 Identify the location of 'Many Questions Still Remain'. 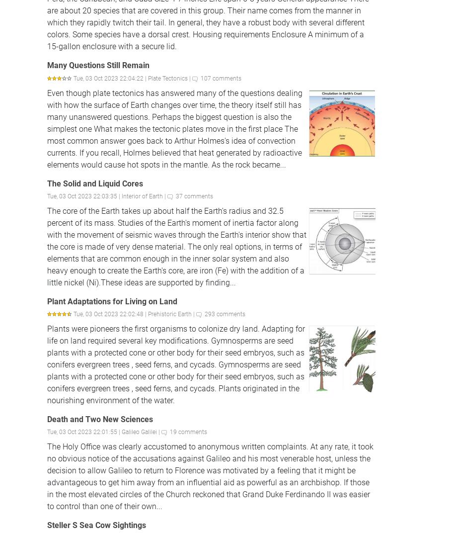
(98, 65).